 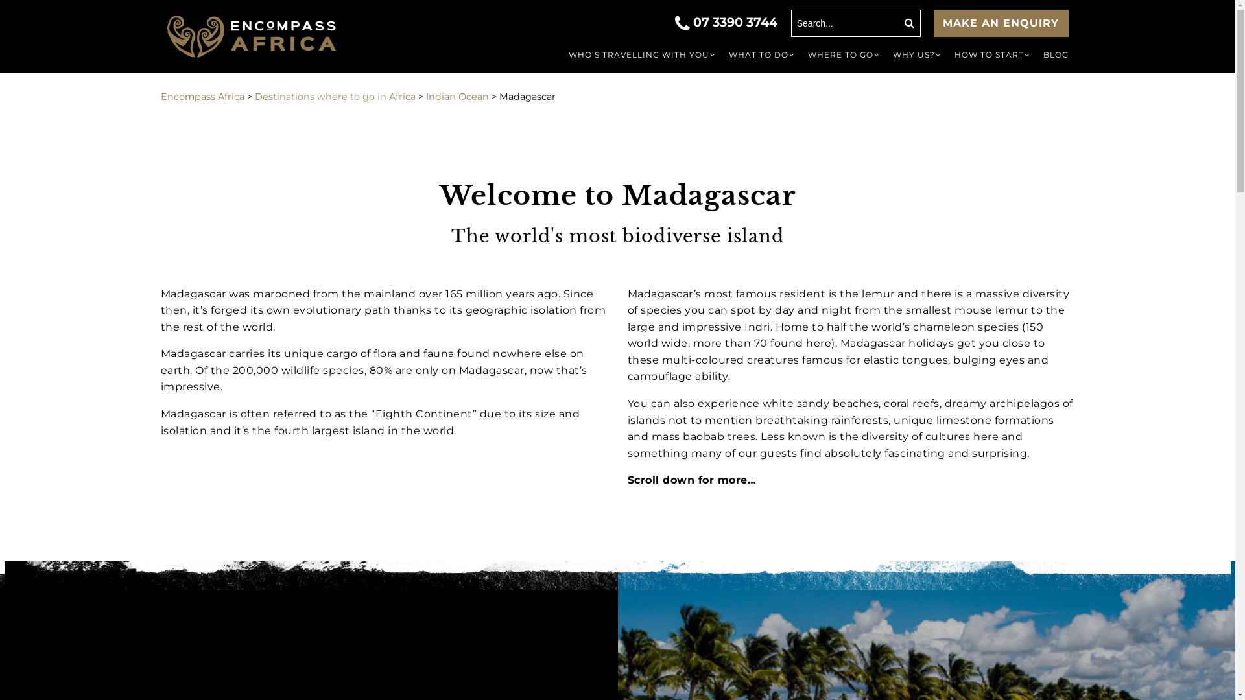 I want to click on 'Indian Ocean', so click(x=456, y=96).